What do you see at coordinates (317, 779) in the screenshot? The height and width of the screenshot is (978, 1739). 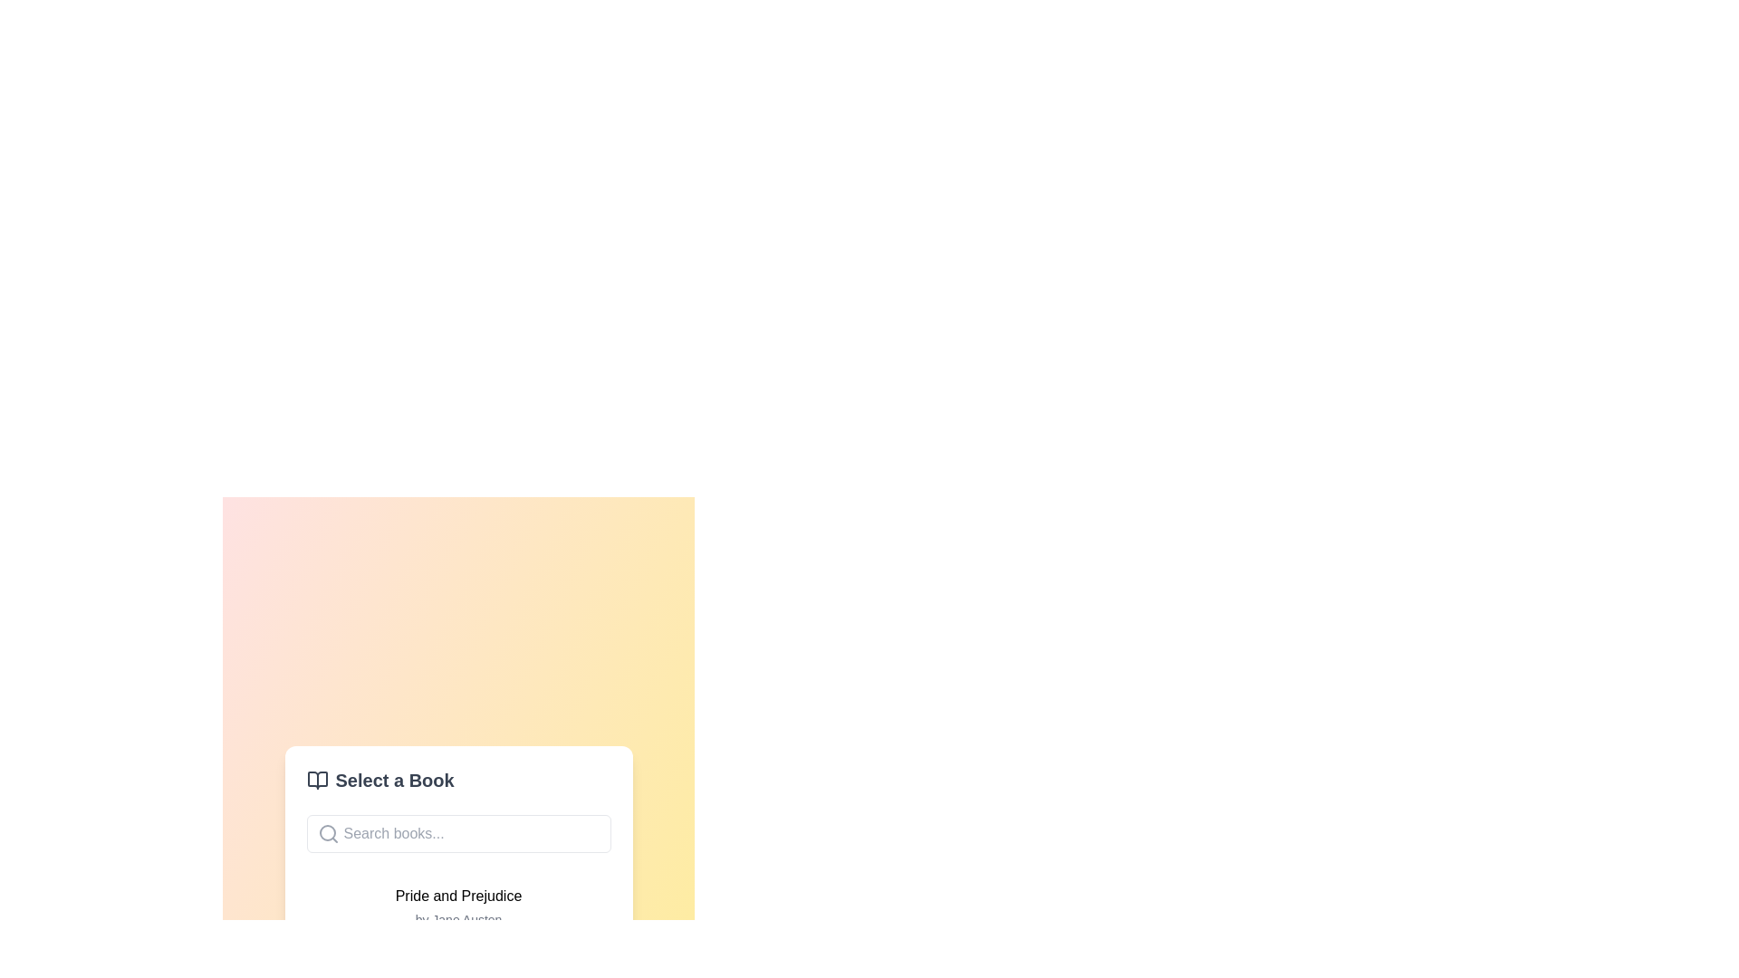 I see `the decorative icon located at the leftmost side of the header containing the text 'Select a Book'` at bounding box center [317, 779].